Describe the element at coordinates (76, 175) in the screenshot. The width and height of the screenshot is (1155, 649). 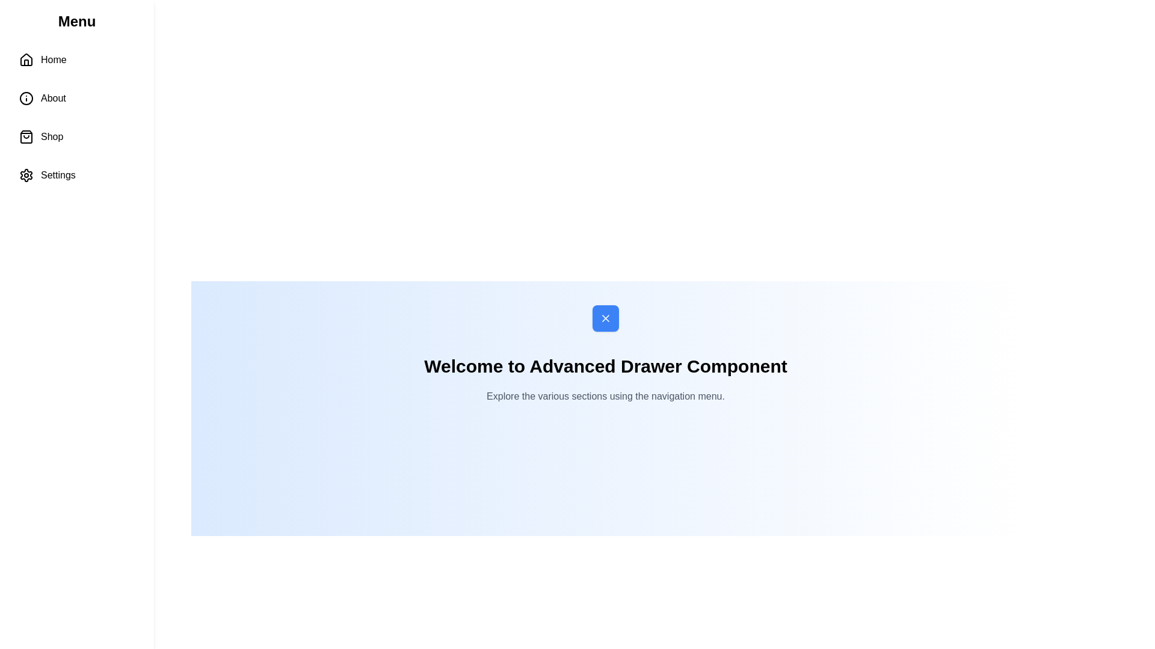
I see `the 'Settings' button located at the bottom of the sidebar navigation section to observe the hover effect` at that location.